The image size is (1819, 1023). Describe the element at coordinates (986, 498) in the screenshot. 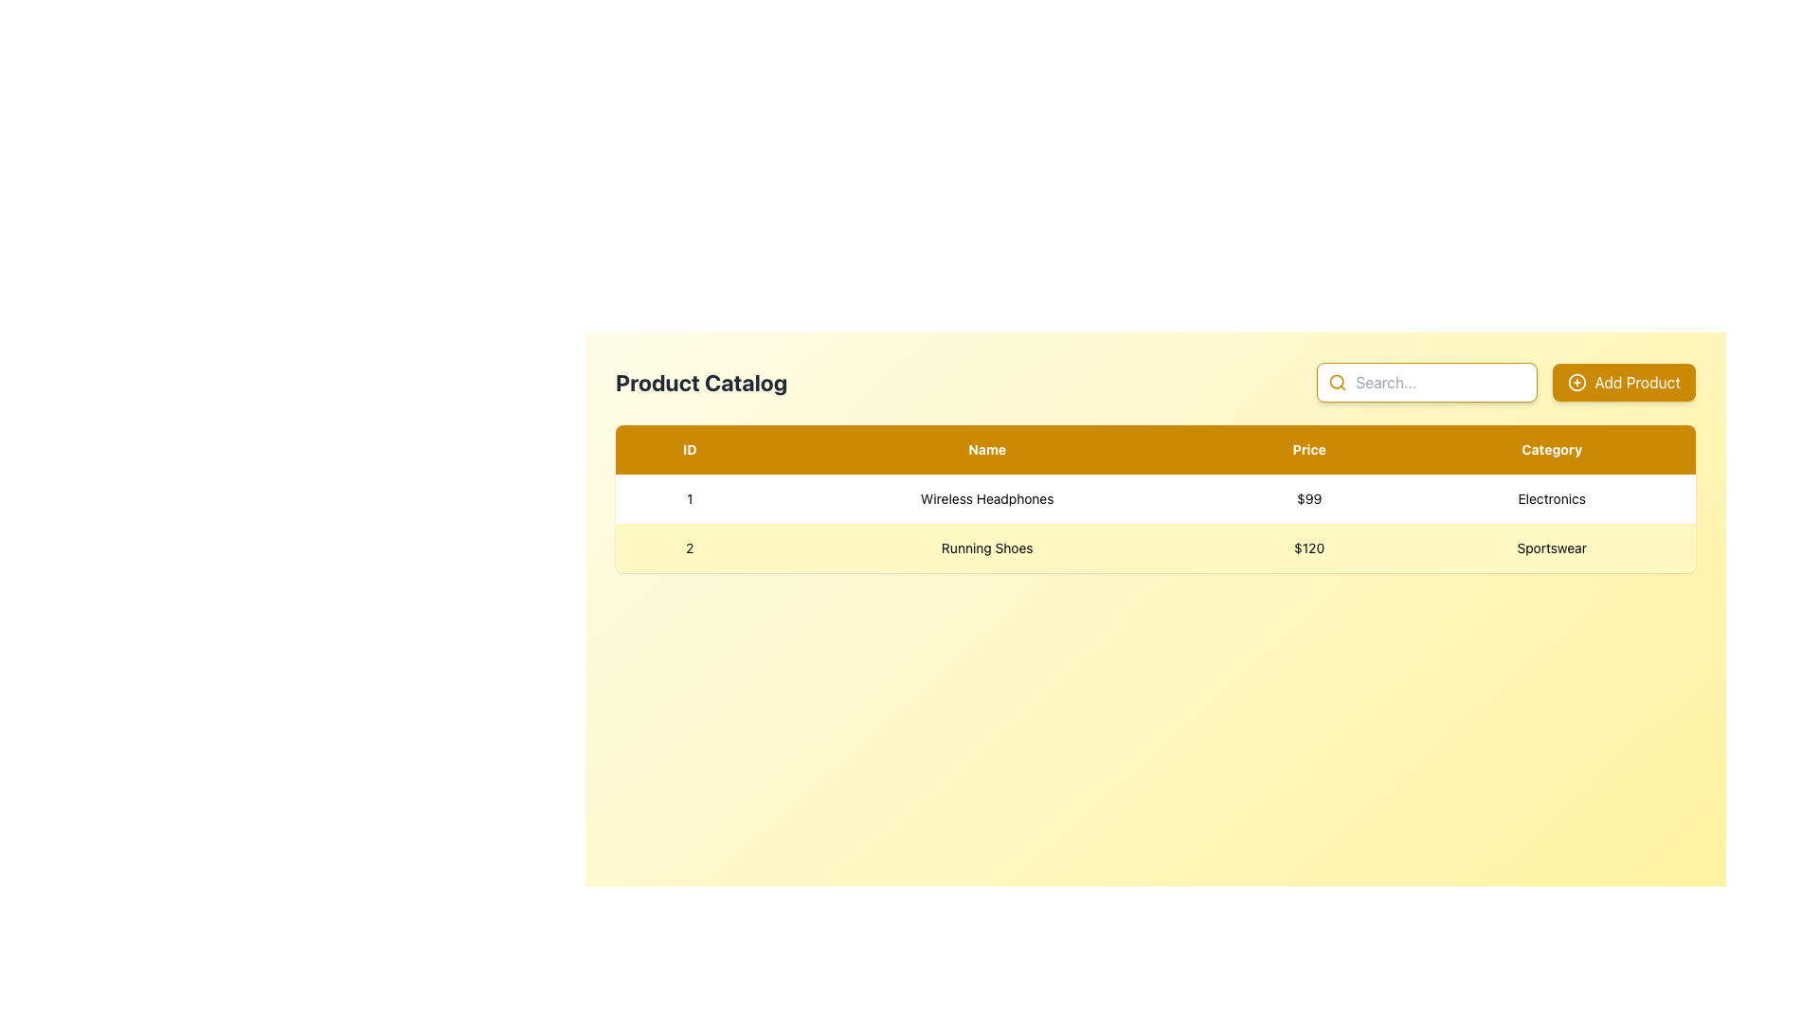

I see `the 'Name' text label in the first row of the 'Product Catalog' table, which indicates the product name` at that location.